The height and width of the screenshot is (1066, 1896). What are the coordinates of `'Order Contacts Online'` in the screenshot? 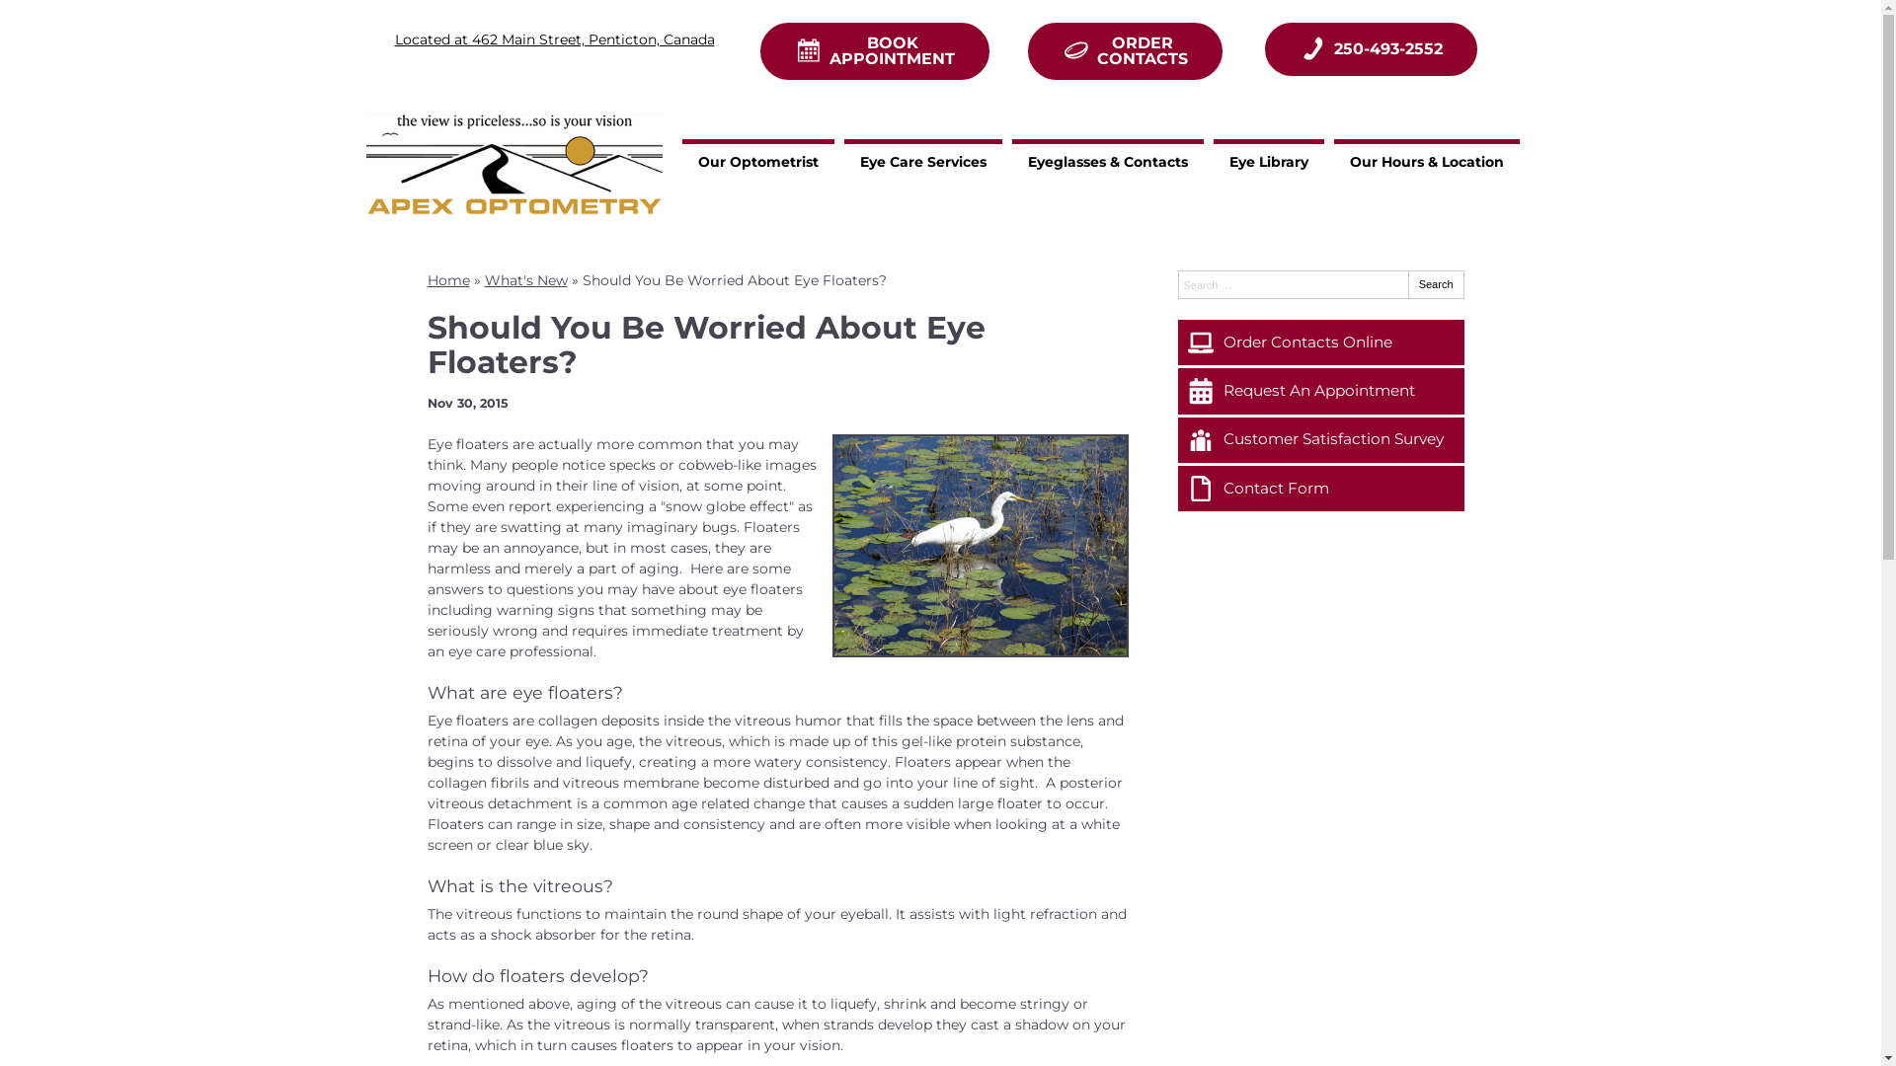 It's located at (1320, 342).